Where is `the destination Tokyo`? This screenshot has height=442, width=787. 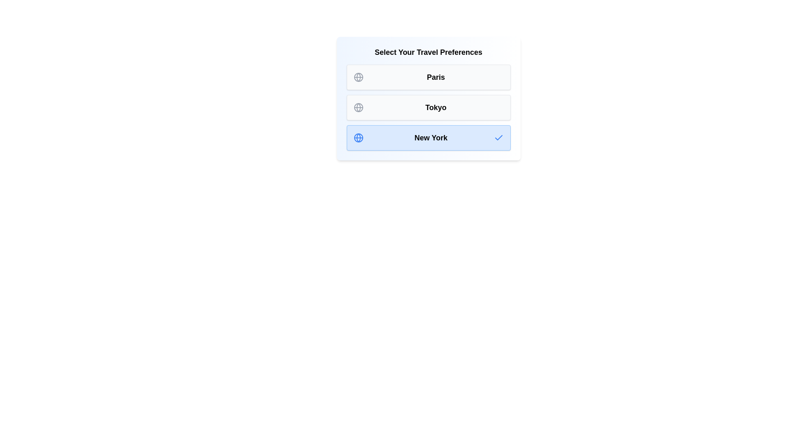 the destination Tokyo is located at coordinates (428, 107).